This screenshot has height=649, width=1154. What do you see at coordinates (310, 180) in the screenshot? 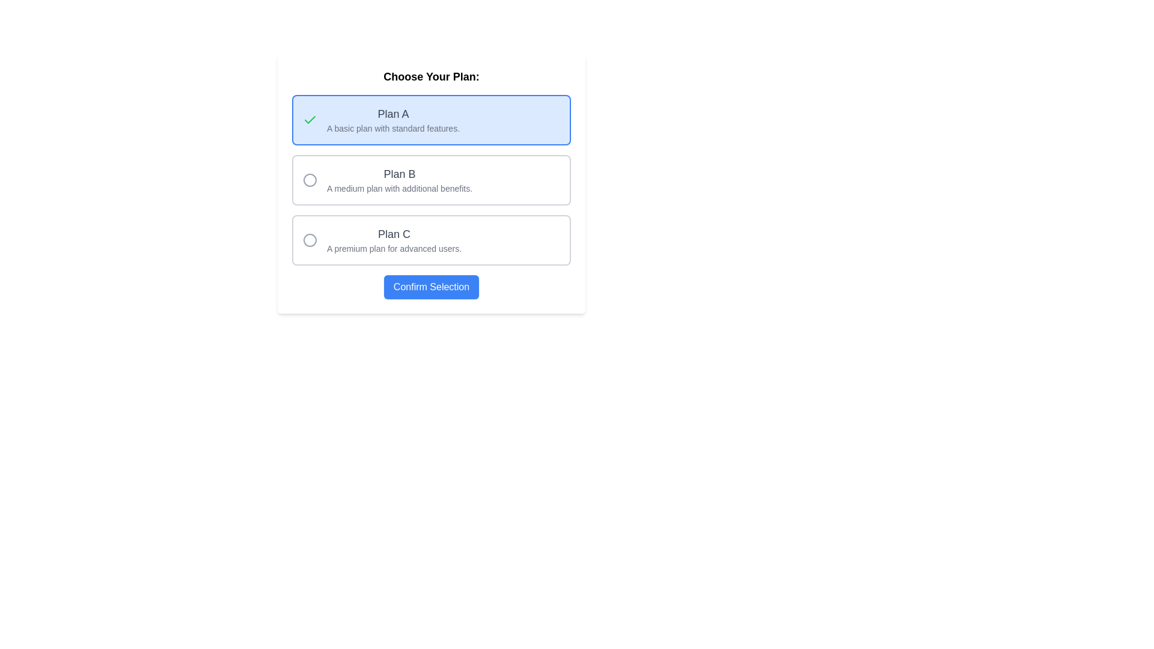
I see `the central SVG circle used as a visual indicator for selecting among available plans in the 'Choose Your Plan' UI, located to the left of the 'Plan B' text option` at bounding box center [310, 180].